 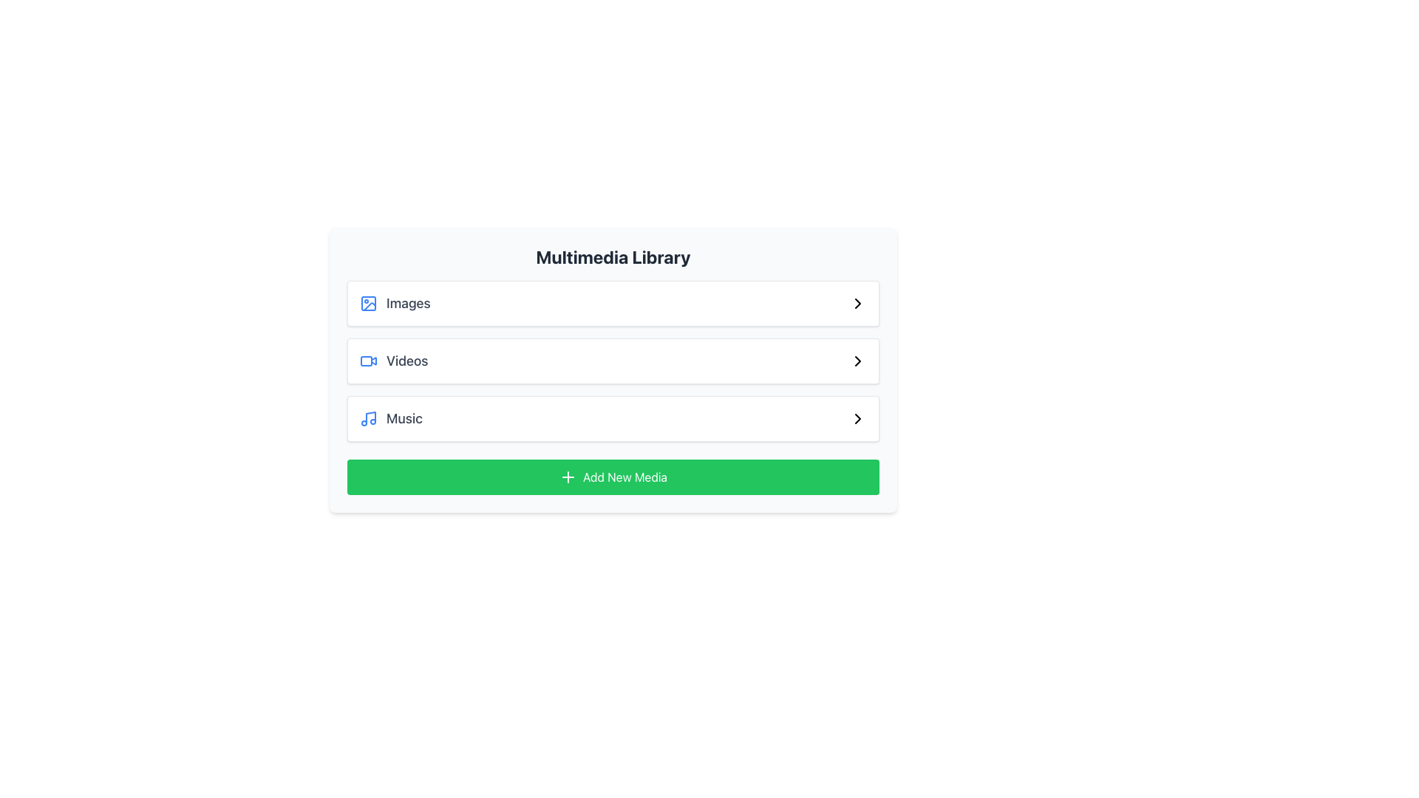 I want to click on the 'Add New Media' button located at the bottom of the 'Multimedia Library' section, so click(x=613, y=477).